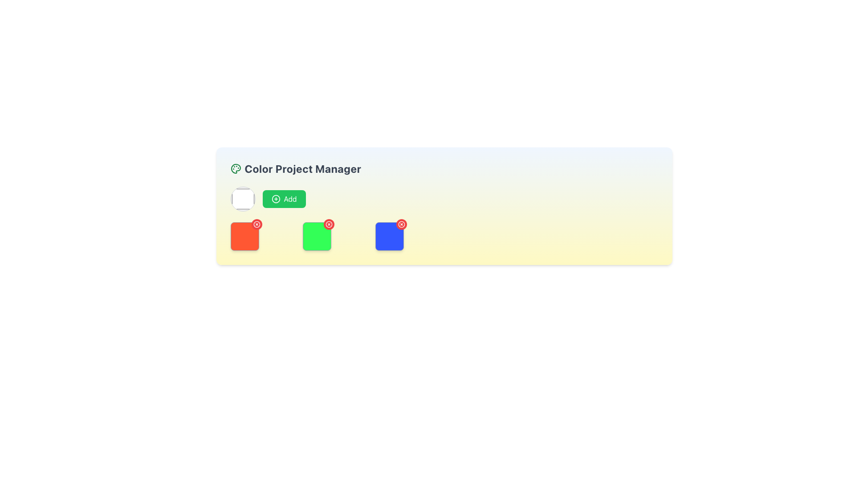  I want to click on the blue button with a rounded corner and a red badge containing a white 'X' icon, located, so click(389, 236).